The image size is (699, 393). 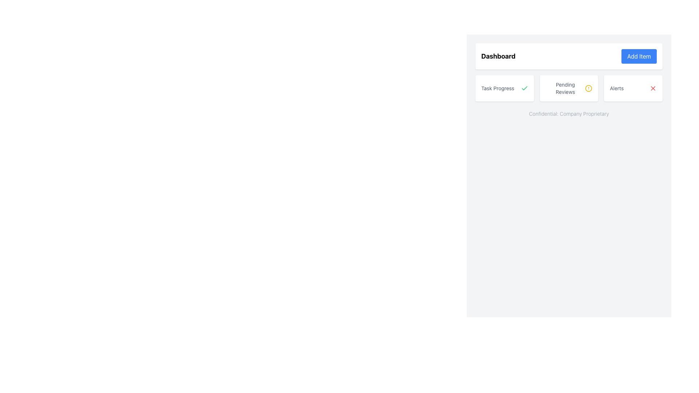 I want to click on the Text Label in the pending reviews section, which indicates items requiring review, located in the middle card under the 'Dashboard' heading, so click(x=565, y=88).